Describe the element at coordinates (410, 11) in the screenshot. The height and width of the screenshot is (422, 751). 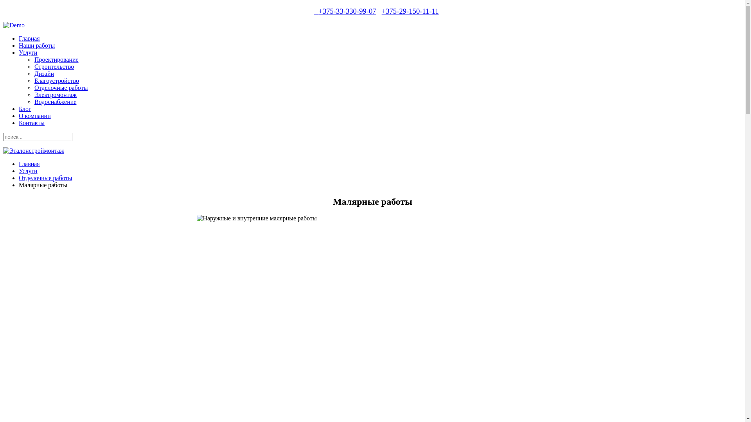
I see `'+375-29-150-11-11'` at that location.